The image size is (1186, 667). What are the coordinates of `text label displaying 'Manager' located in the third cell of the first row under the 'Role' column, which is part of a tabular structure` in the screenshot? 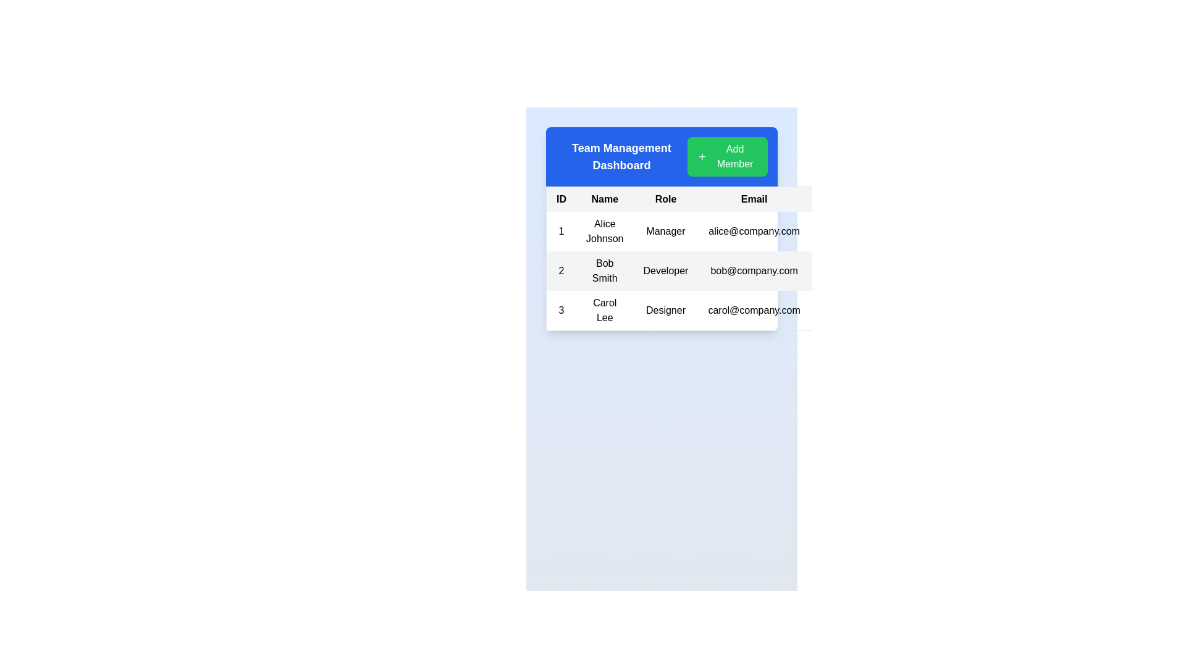 It's located at (665, 231).